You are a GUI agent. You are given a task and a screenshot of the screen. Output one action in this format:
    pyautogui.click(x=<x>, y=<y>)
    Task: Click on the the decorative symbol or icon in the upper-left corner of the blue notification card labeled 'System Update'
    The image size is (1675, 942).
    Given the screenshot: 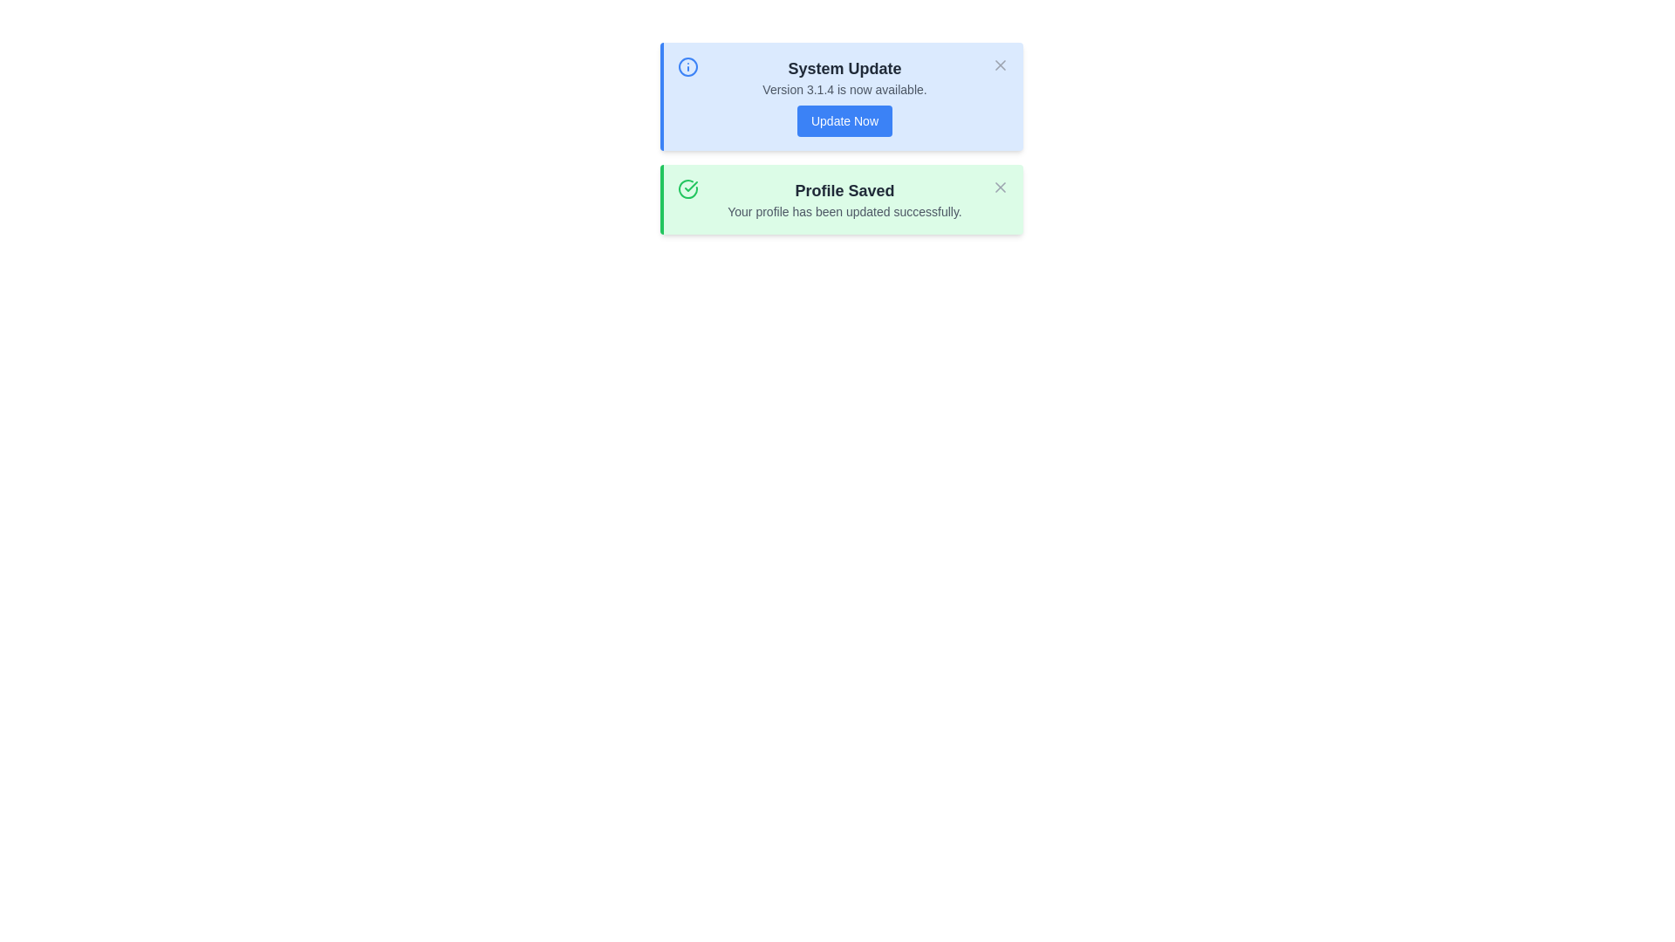 What is the action you would take?
    pyautogui.click(x=687, y=66)
    